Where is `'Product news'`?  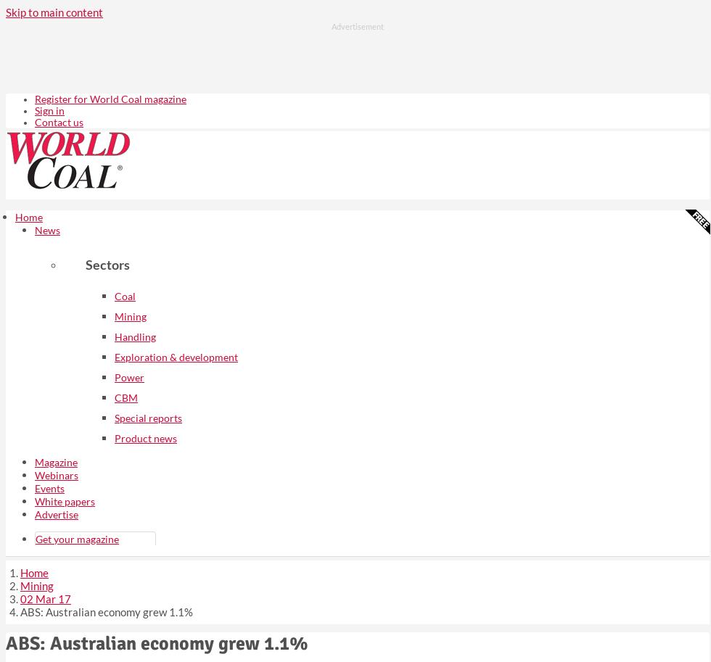
'Product news' is located at coordinates (145, 437).